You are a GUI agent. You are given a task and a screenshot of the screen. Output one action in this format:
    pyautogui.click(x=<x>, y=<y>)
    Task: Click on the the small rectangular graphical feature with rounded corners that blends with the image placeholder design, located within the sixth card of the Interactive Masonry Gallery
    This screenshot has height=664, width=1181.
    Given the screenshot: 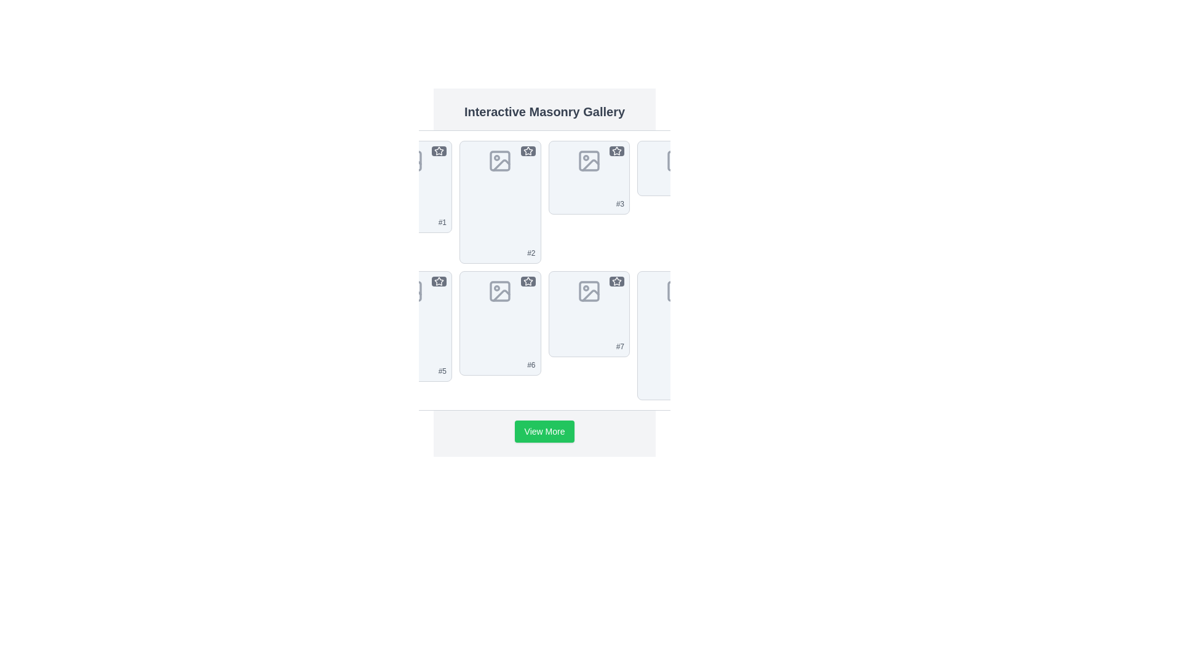 What is the action you would take?
    pyautogui.click(x=500, y=291)
    